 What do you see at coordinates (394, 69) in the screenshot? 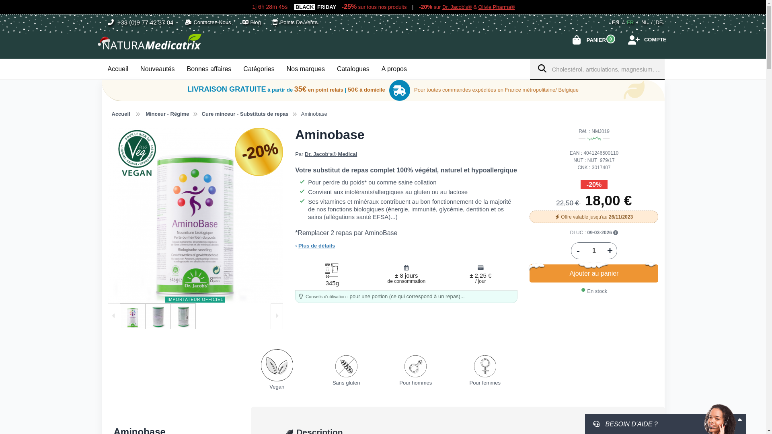
I see `'A propos'` at bounding box center [394, 69].